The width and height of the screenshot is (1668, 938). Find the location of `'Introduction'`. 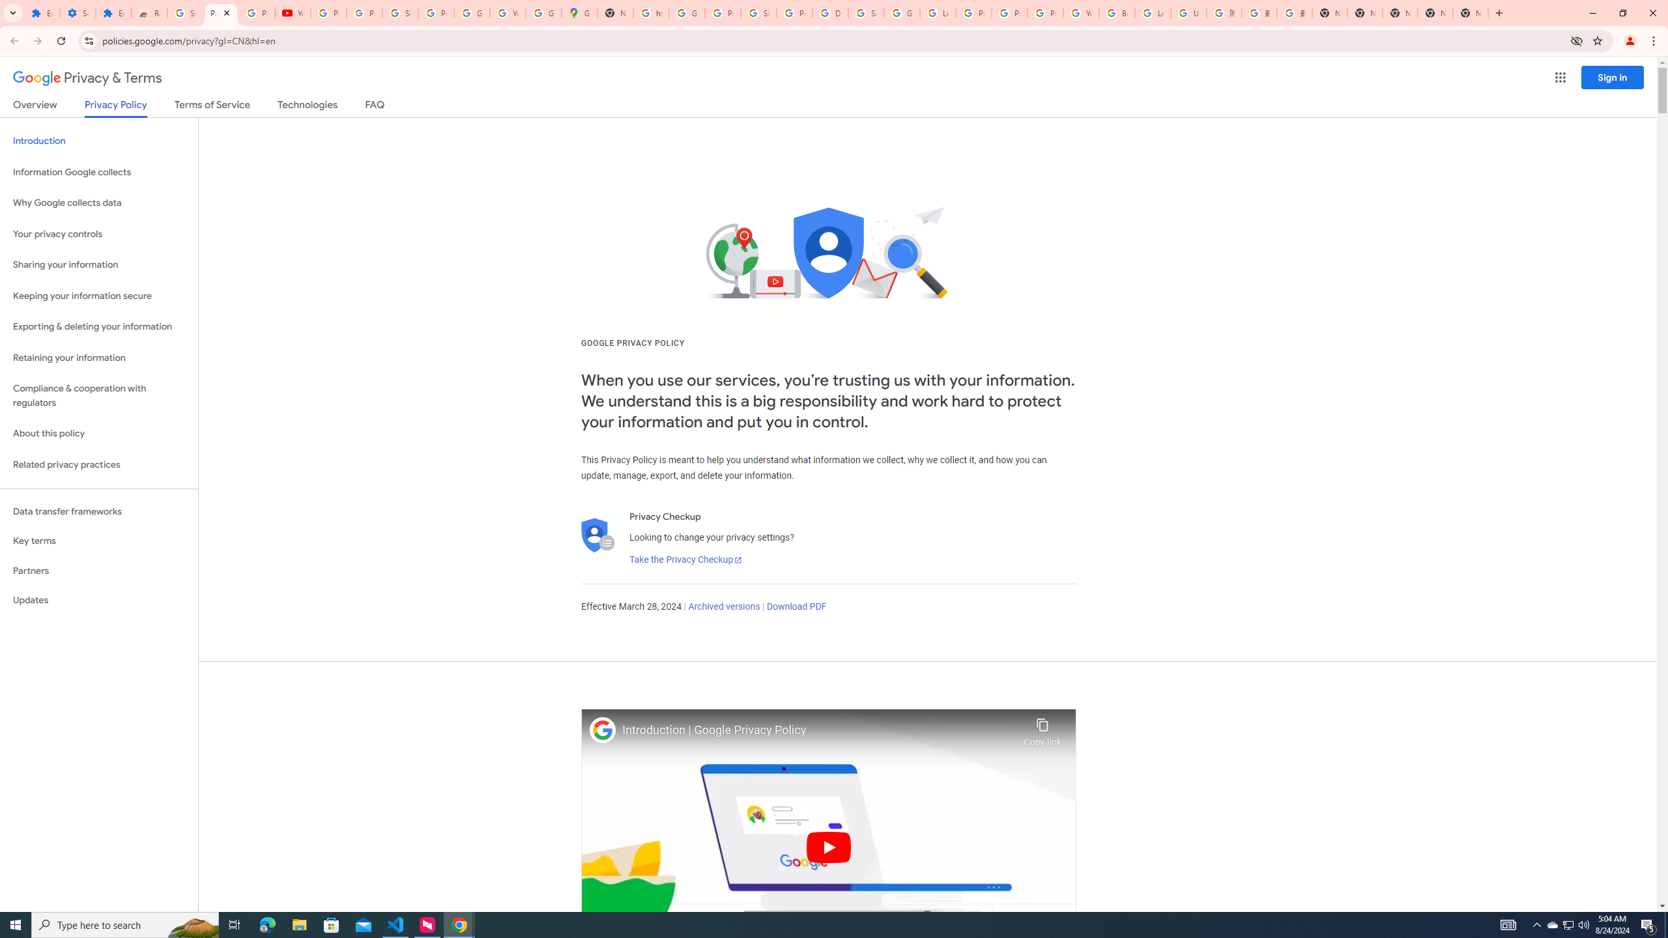

'Introduction' is located at coordinates (98, 140).